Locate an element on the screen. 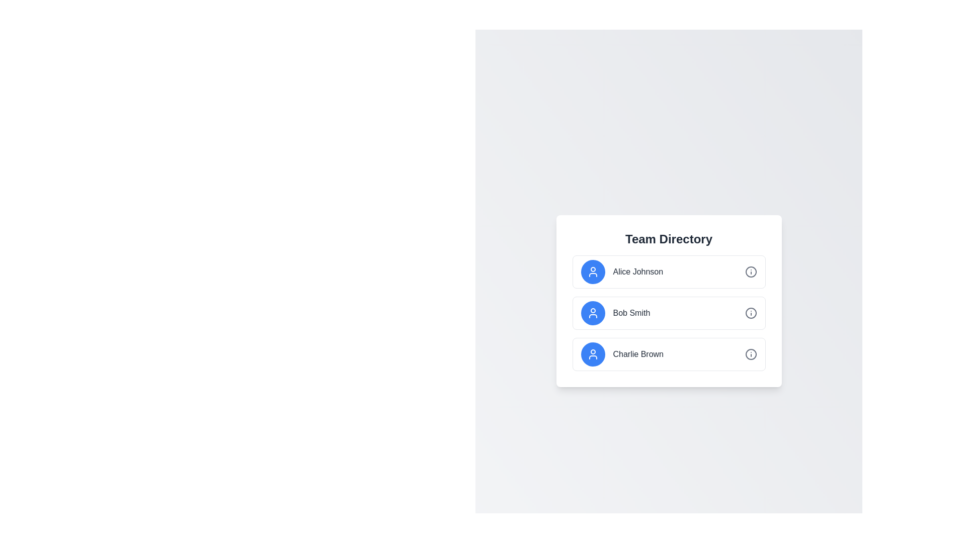 Image resolution: width=966 pixels, height=543 pixels. the circular icon located adjacent to the name 'Bob Smith' in the 'Team Directory' list is located at coordinates (751, 313).